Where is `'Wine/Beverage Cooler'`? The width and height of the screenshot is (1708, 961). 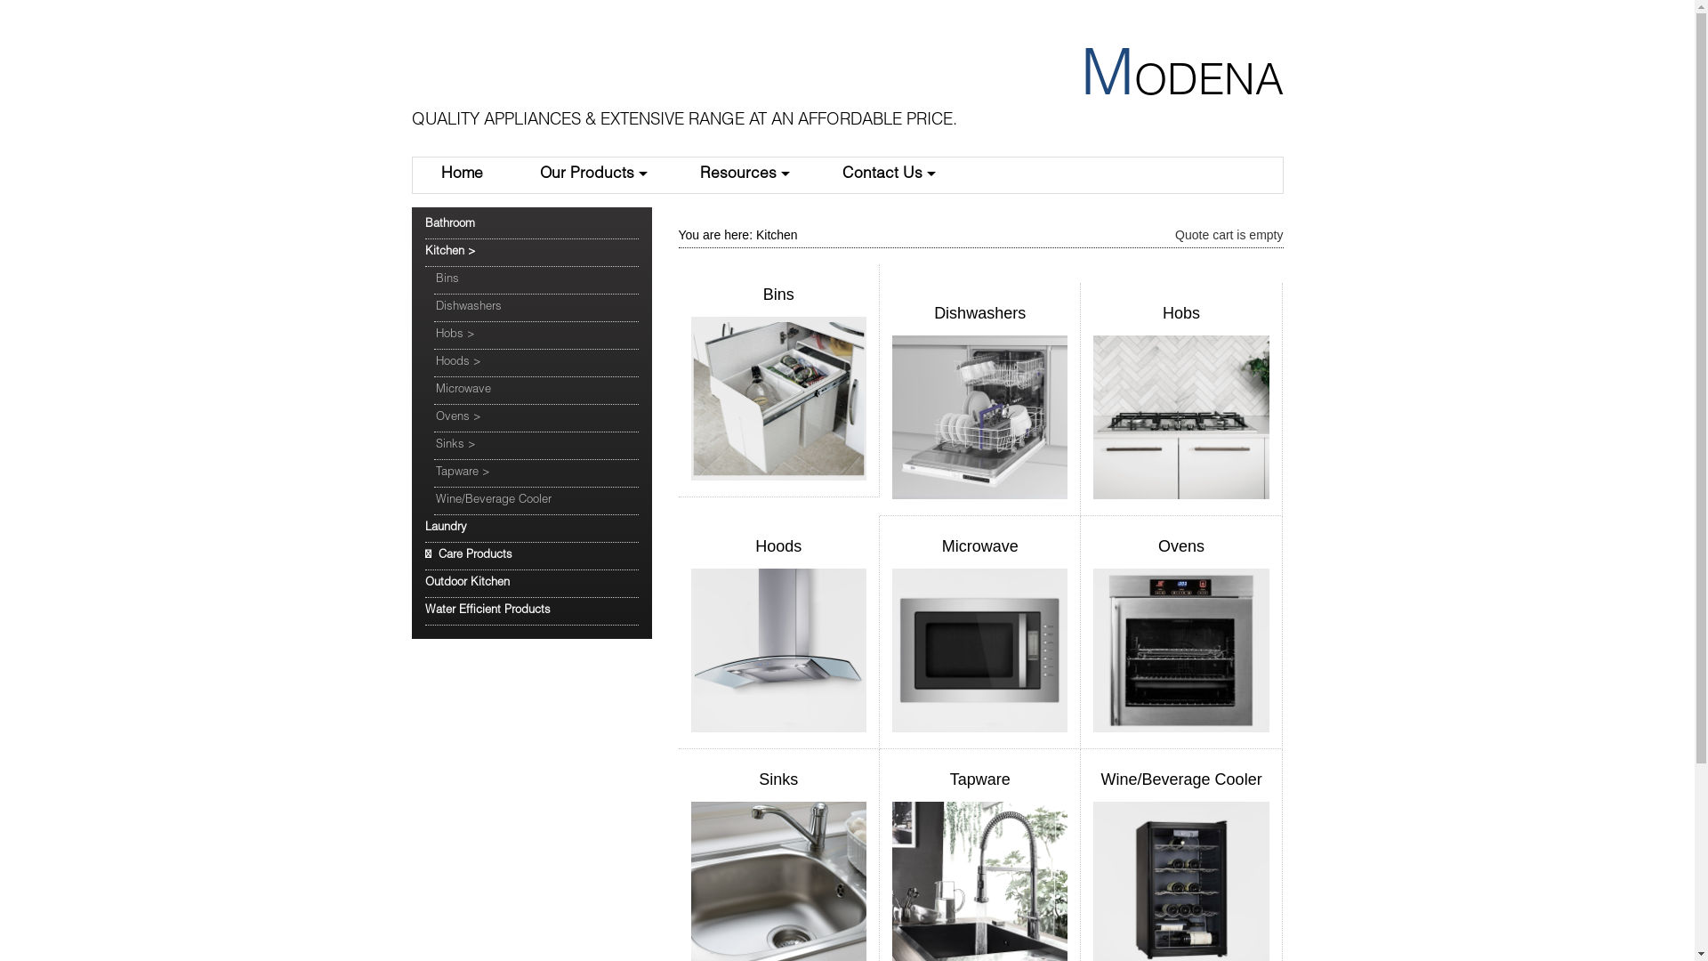 'Wine/Beverage Cooler' is located at coordinates (536, 501).